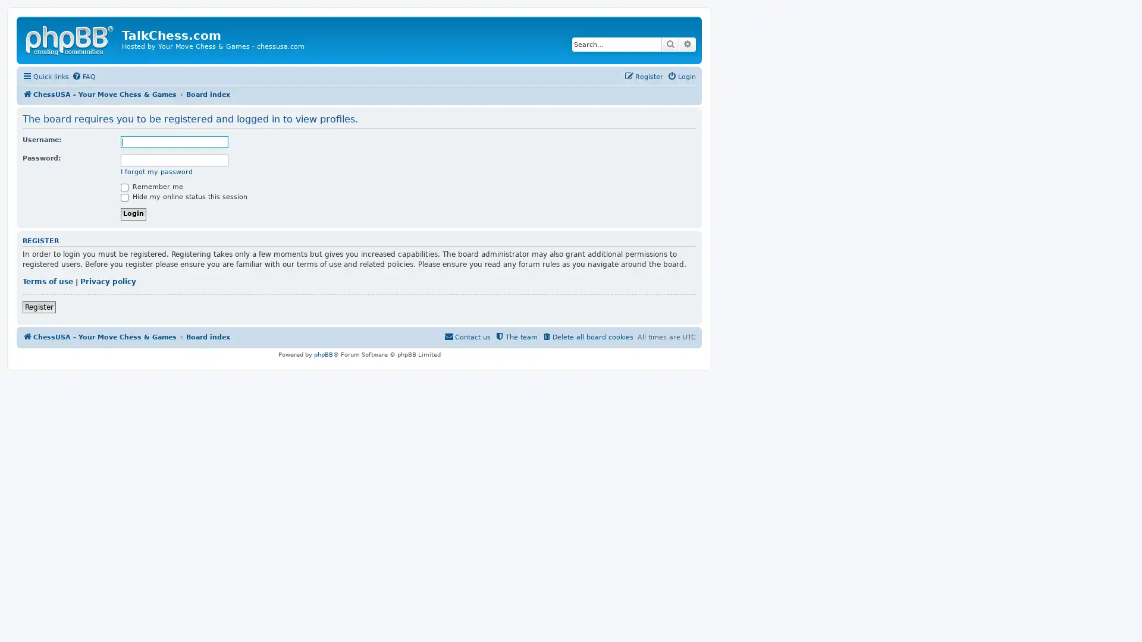 This screenshot has height=642, width=1142. Describe the element at coordinates (133, 213) in the screenshot. I see `Login` at that location.